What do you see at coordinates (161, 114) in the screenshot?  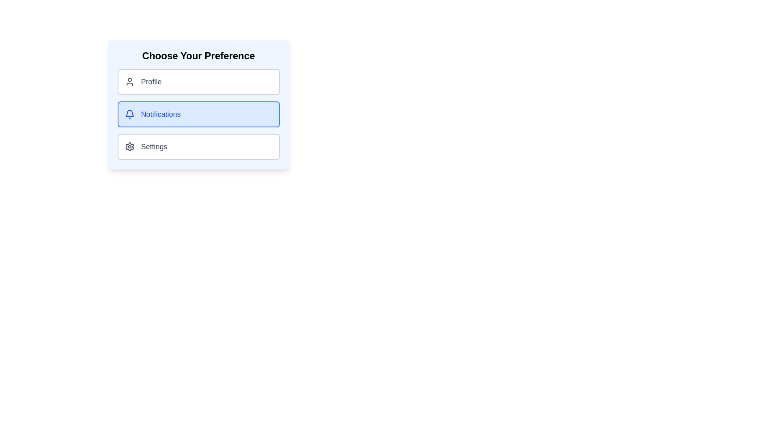 I see `the button associated with the 'Notifications' label` at bounding box center [161, 114].